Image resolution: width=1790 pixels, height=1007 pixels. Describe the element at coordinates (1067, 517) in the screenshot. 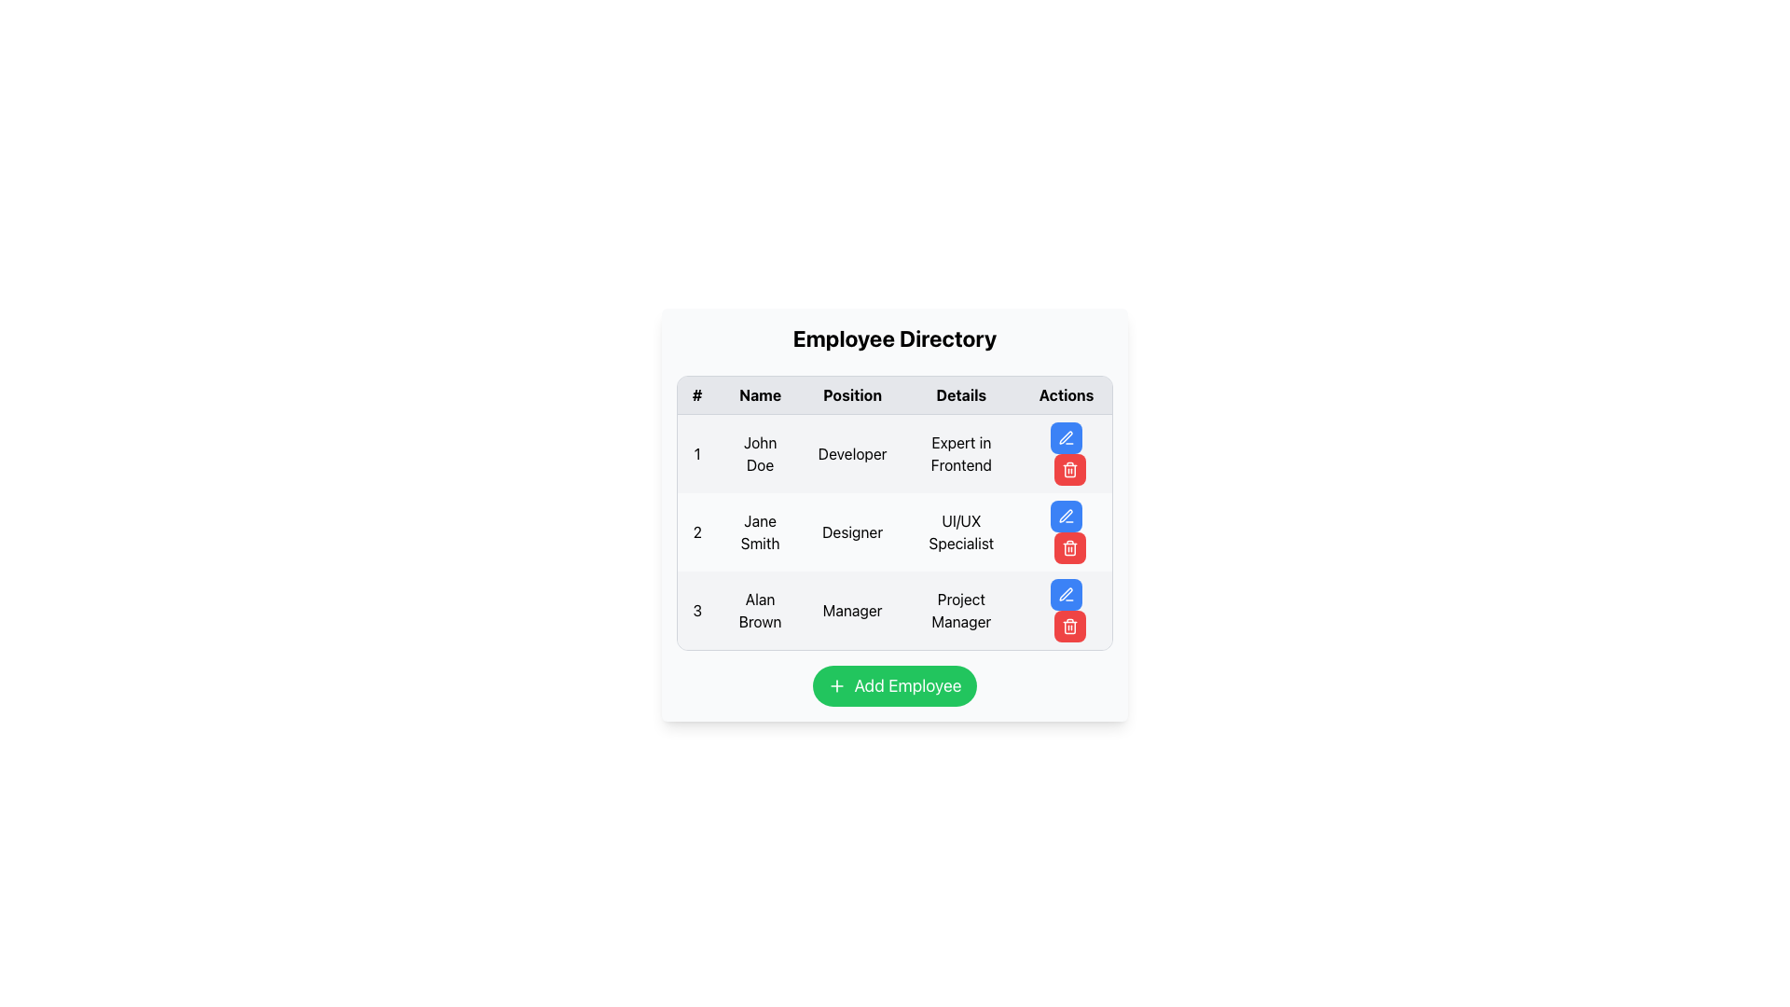

I see `the blue button with a white pen icon in the 'Actions' column for 'Jane Smith' in the 'Employee Directory' table` at that location.